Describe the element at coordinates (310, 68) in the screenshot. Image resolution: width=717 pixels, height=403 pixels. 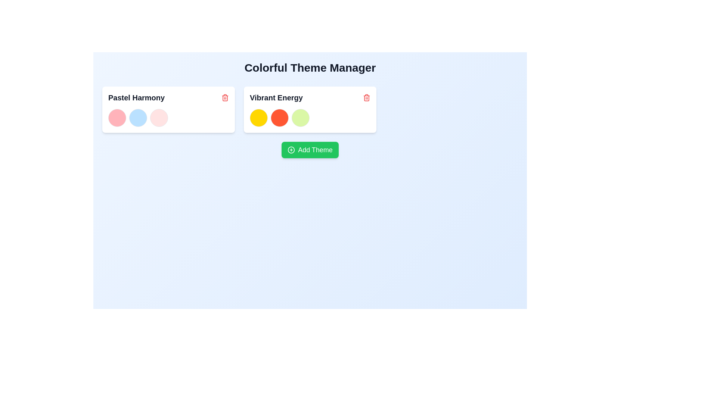
I see `the title text 'Colorful Theme Manager' which is prominently displayed in large, bold typography against a gradient light blue background` at that location.